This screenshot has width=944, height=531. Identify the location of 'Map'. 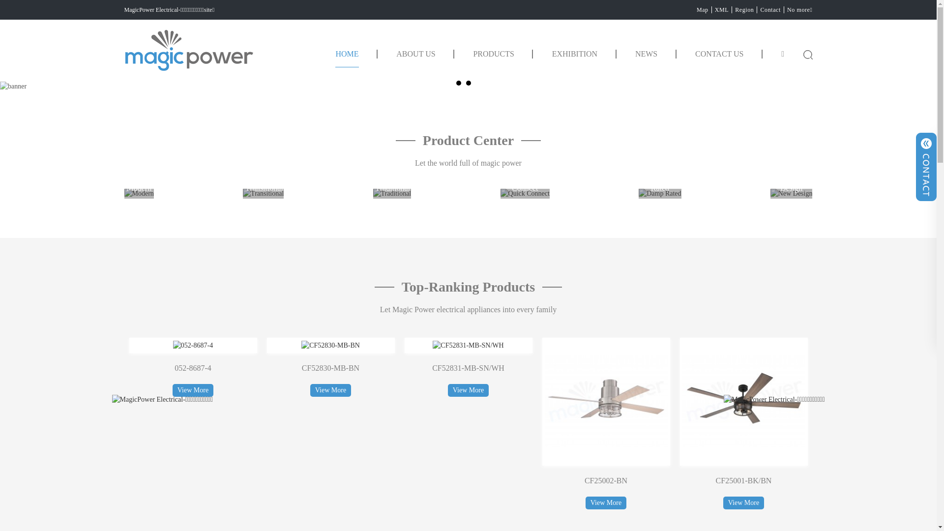
(693, 9).